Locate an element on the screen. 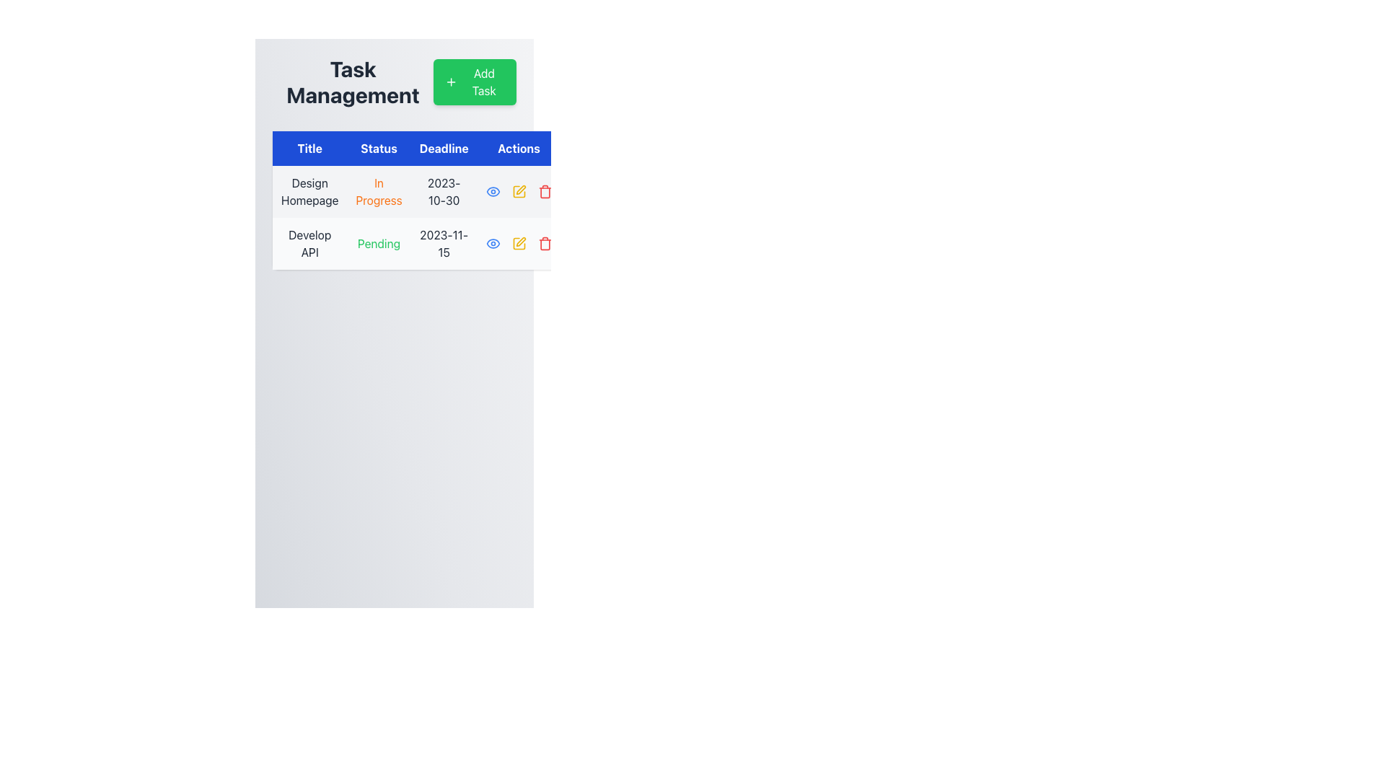  the header text indicating task management functionality, located at the top-left corner of the interface is located at coordinates (353, 82).